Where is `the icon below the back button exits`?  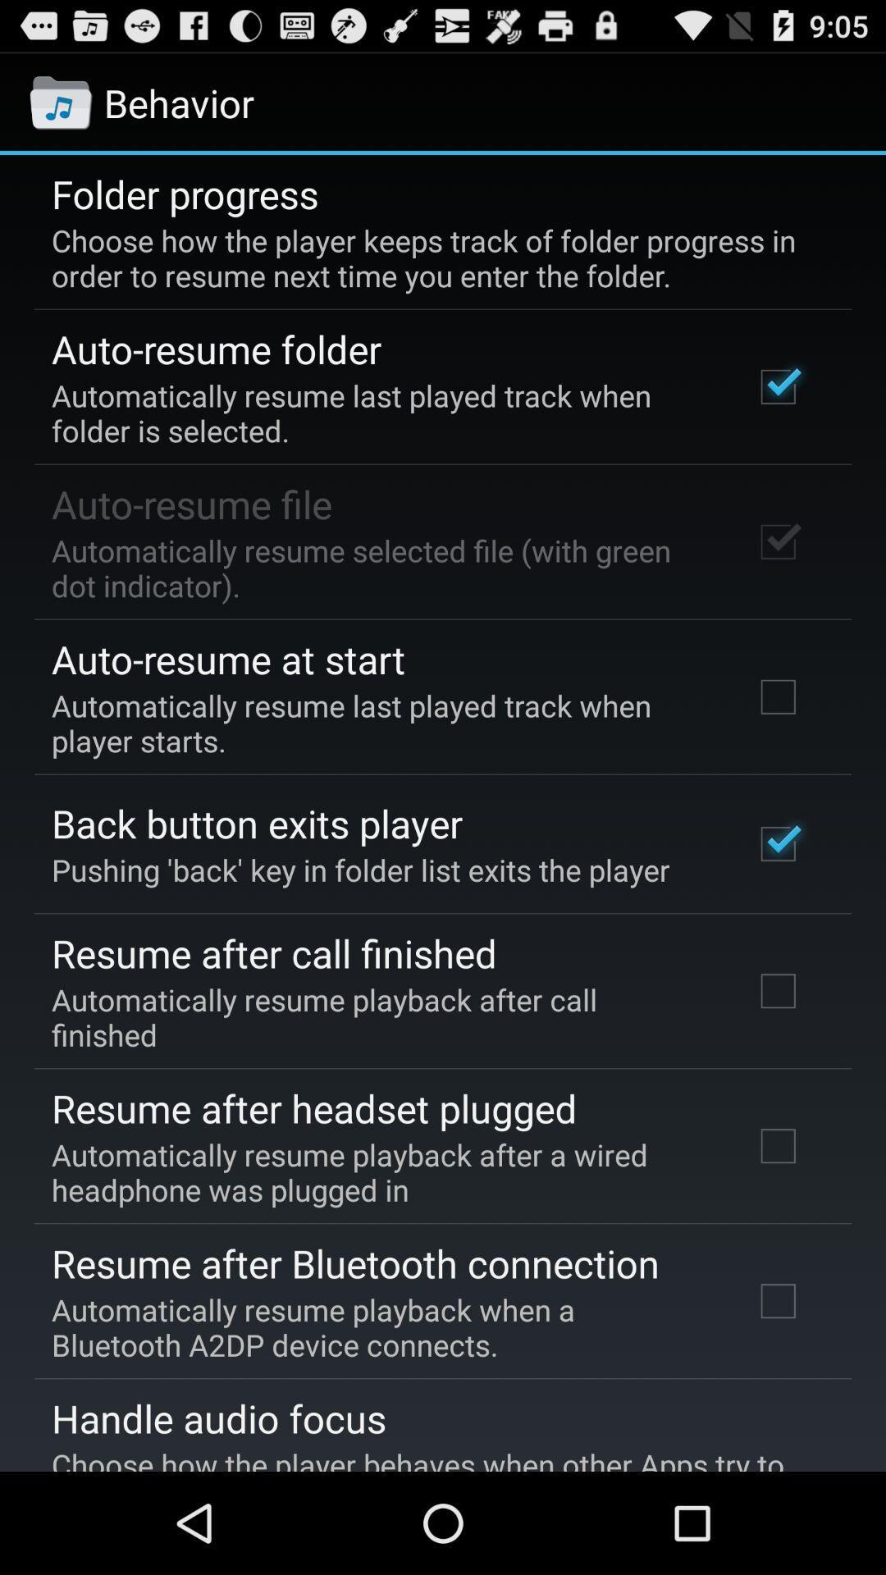 the icon below the back button exits is located at coordinates (359, 869).